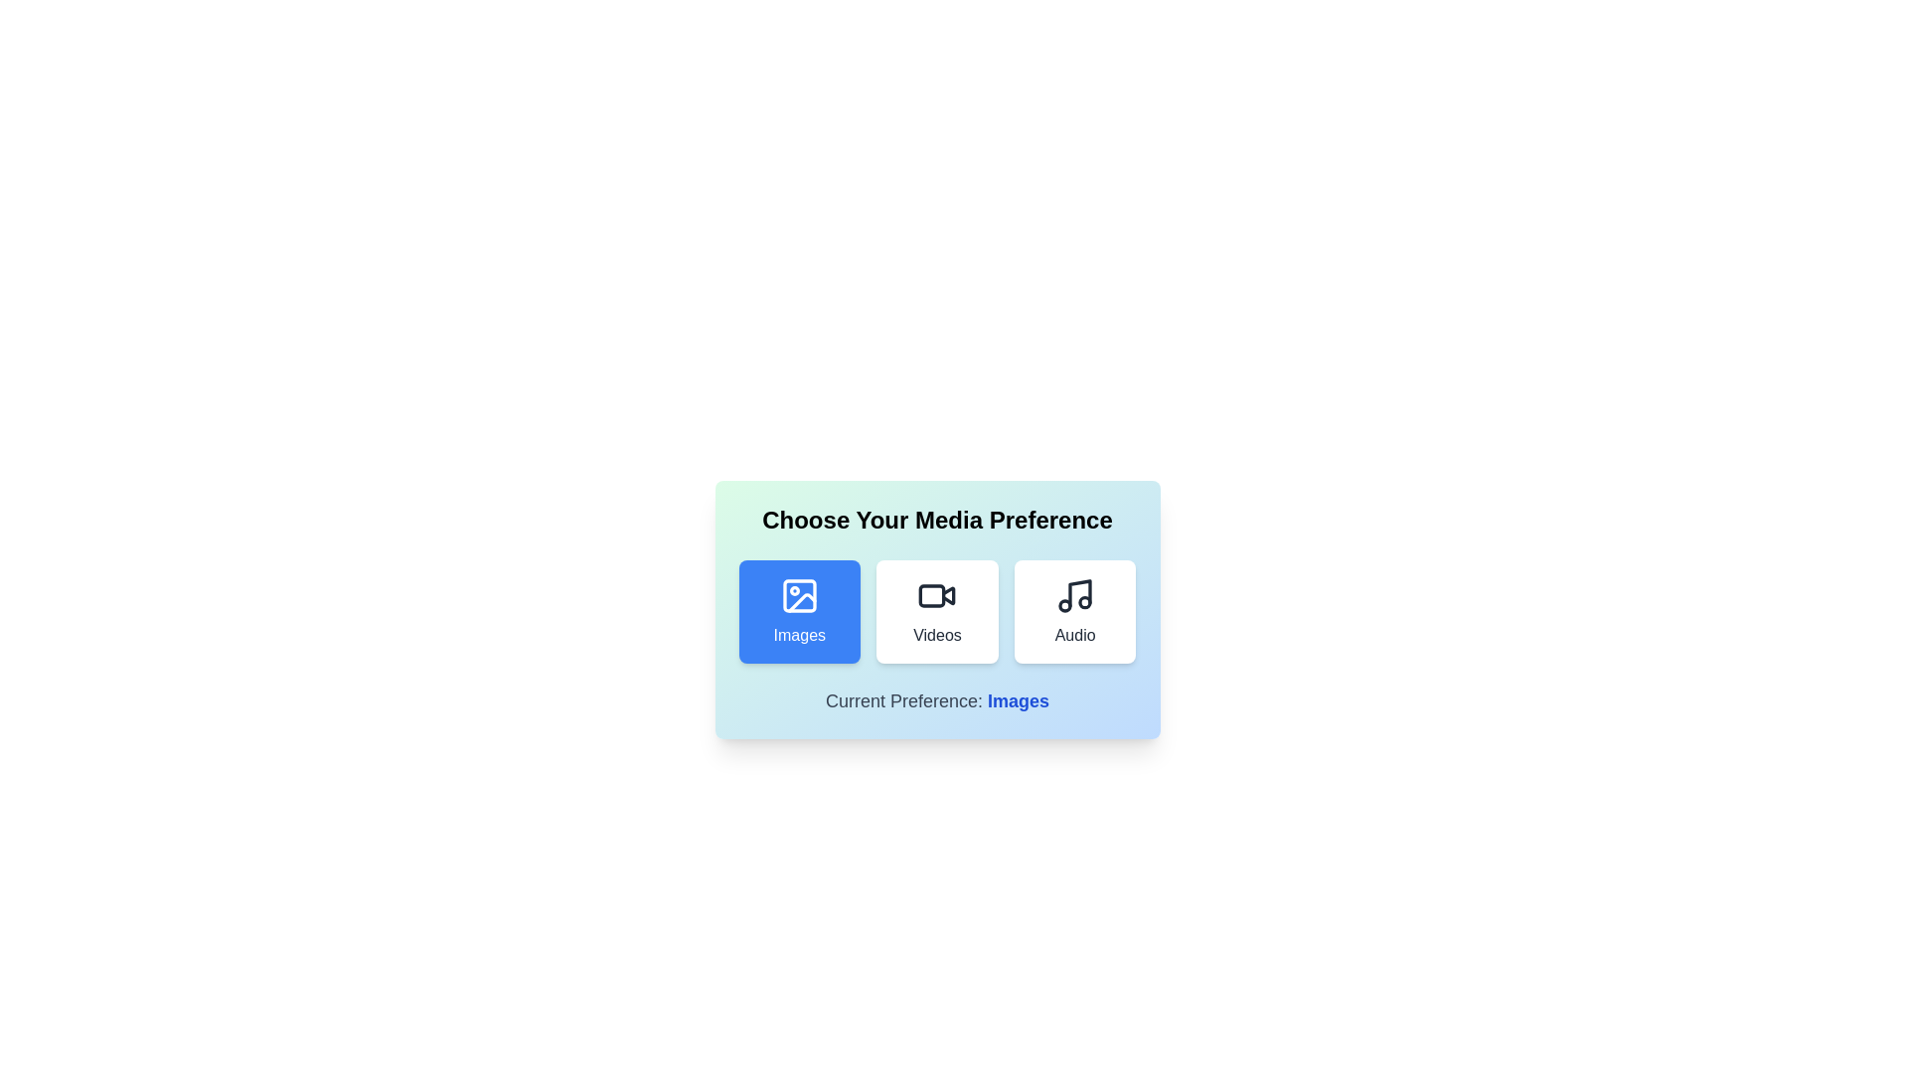 The image size is (1908, 1073). I want to click on the media preference option Videos, so click(936, 611).